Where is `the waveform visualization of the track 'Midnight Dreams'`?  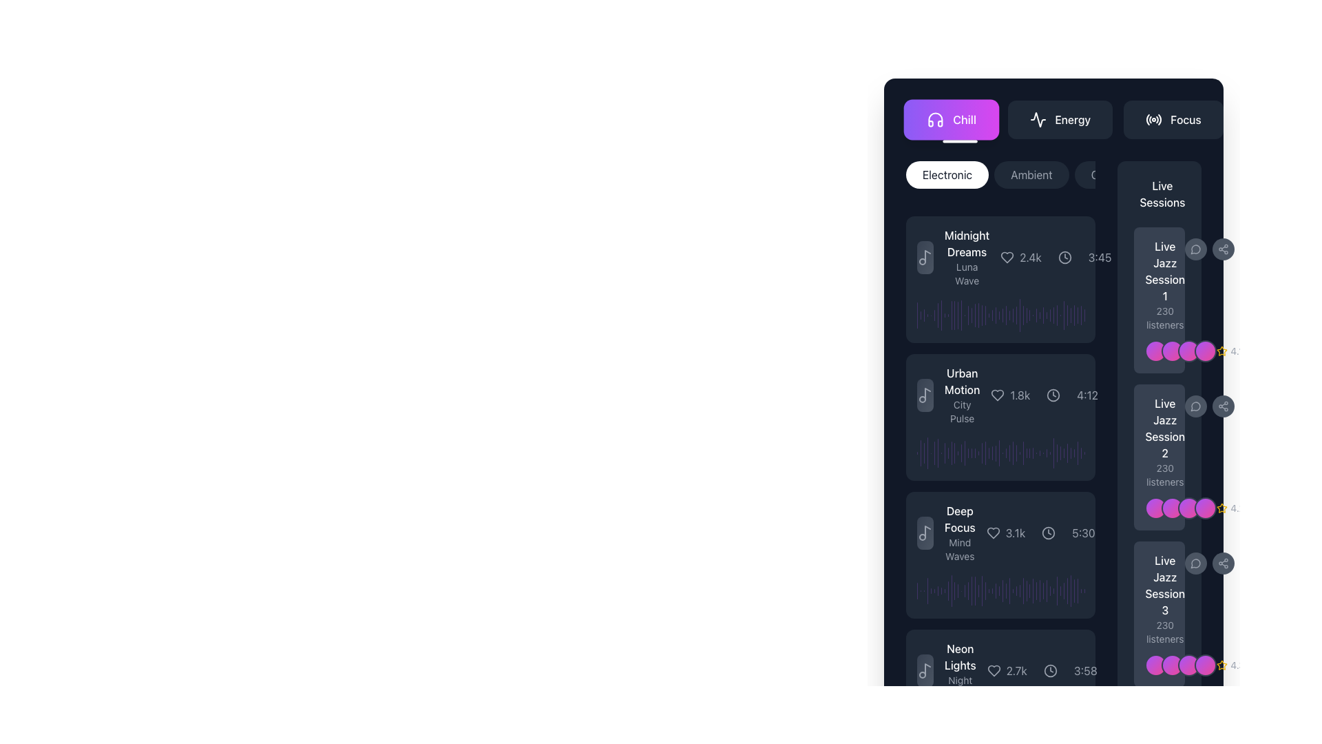 the waveform visualization of the track 'Midnight Dreams' is located at coordinates (1000, 316).